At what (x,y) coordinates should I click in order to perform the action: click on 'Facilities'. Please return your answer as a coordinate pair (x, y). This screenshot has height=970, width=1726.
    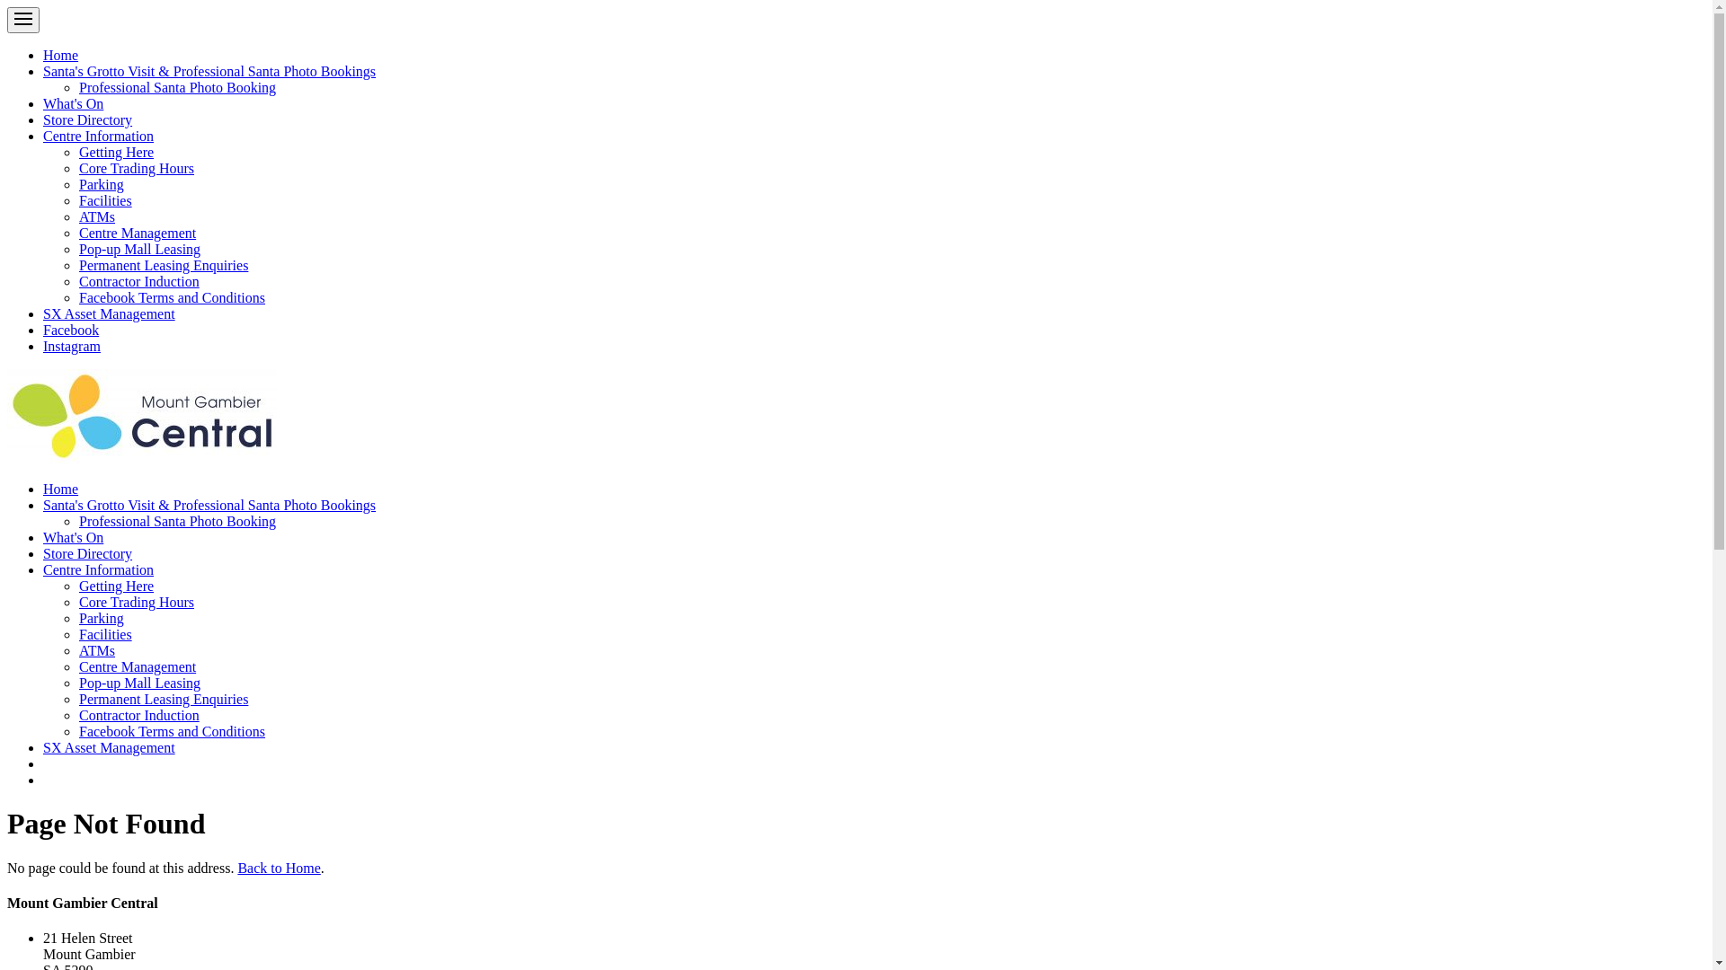
    Looking at the image, I should click on (77, 200).